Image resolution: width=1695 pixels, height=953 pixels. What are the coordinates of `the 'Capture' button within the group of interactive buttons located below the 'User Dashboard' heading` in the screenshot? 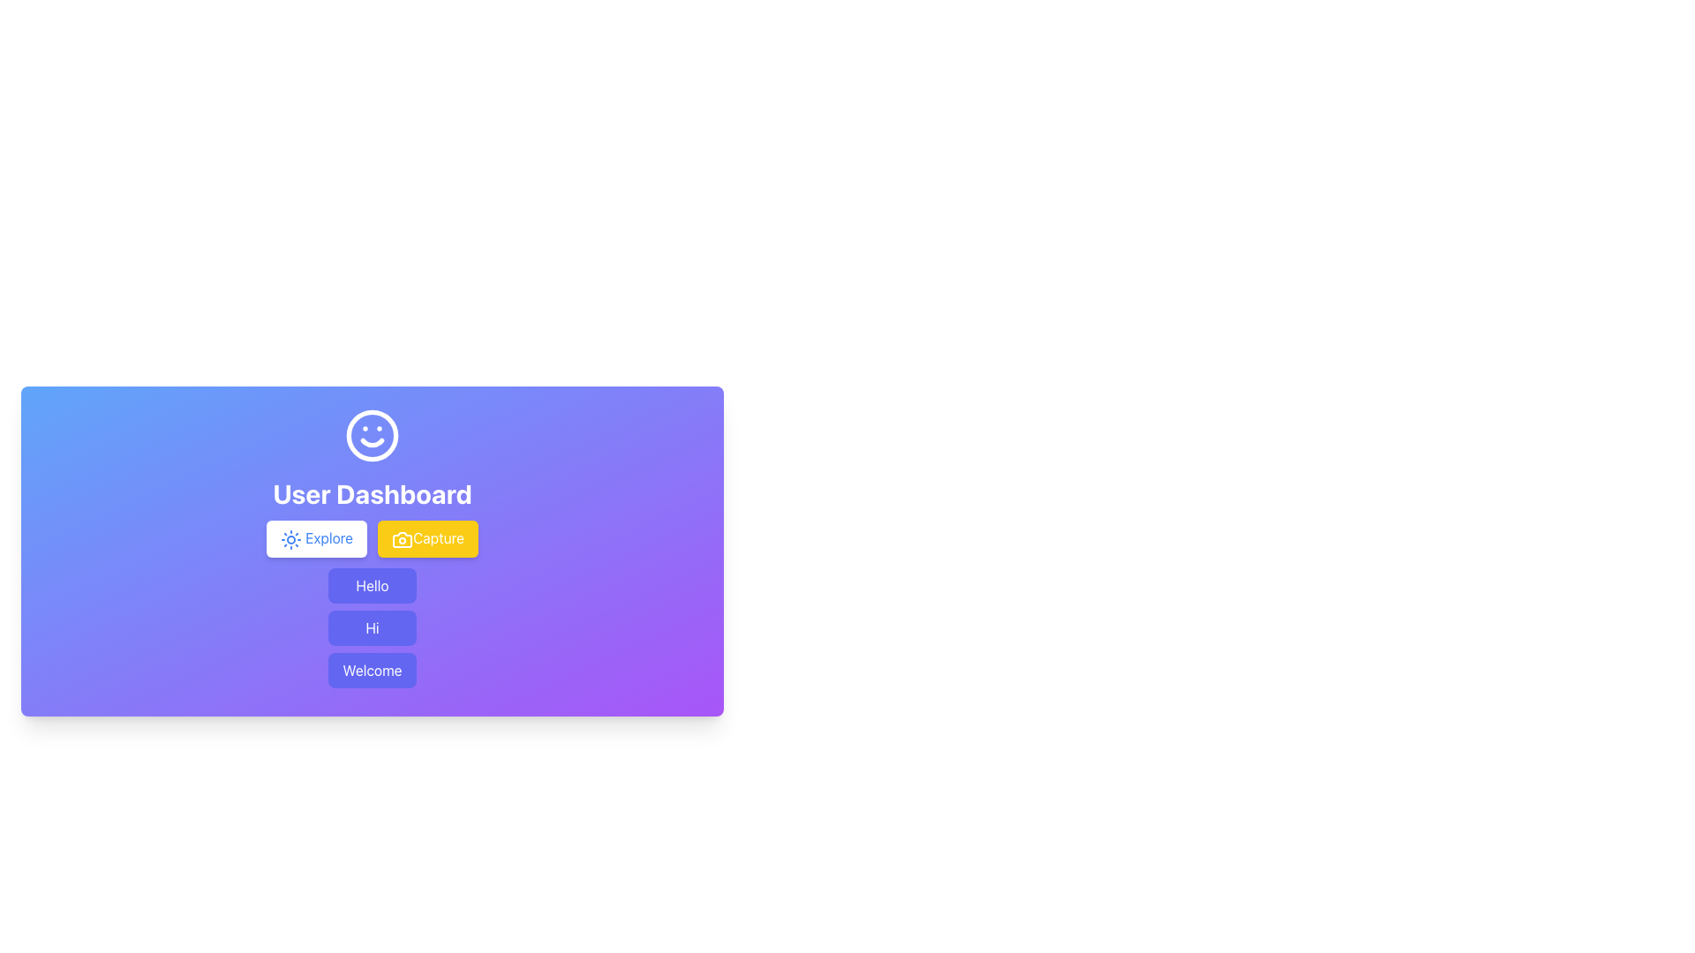 It's located at (372, 537).